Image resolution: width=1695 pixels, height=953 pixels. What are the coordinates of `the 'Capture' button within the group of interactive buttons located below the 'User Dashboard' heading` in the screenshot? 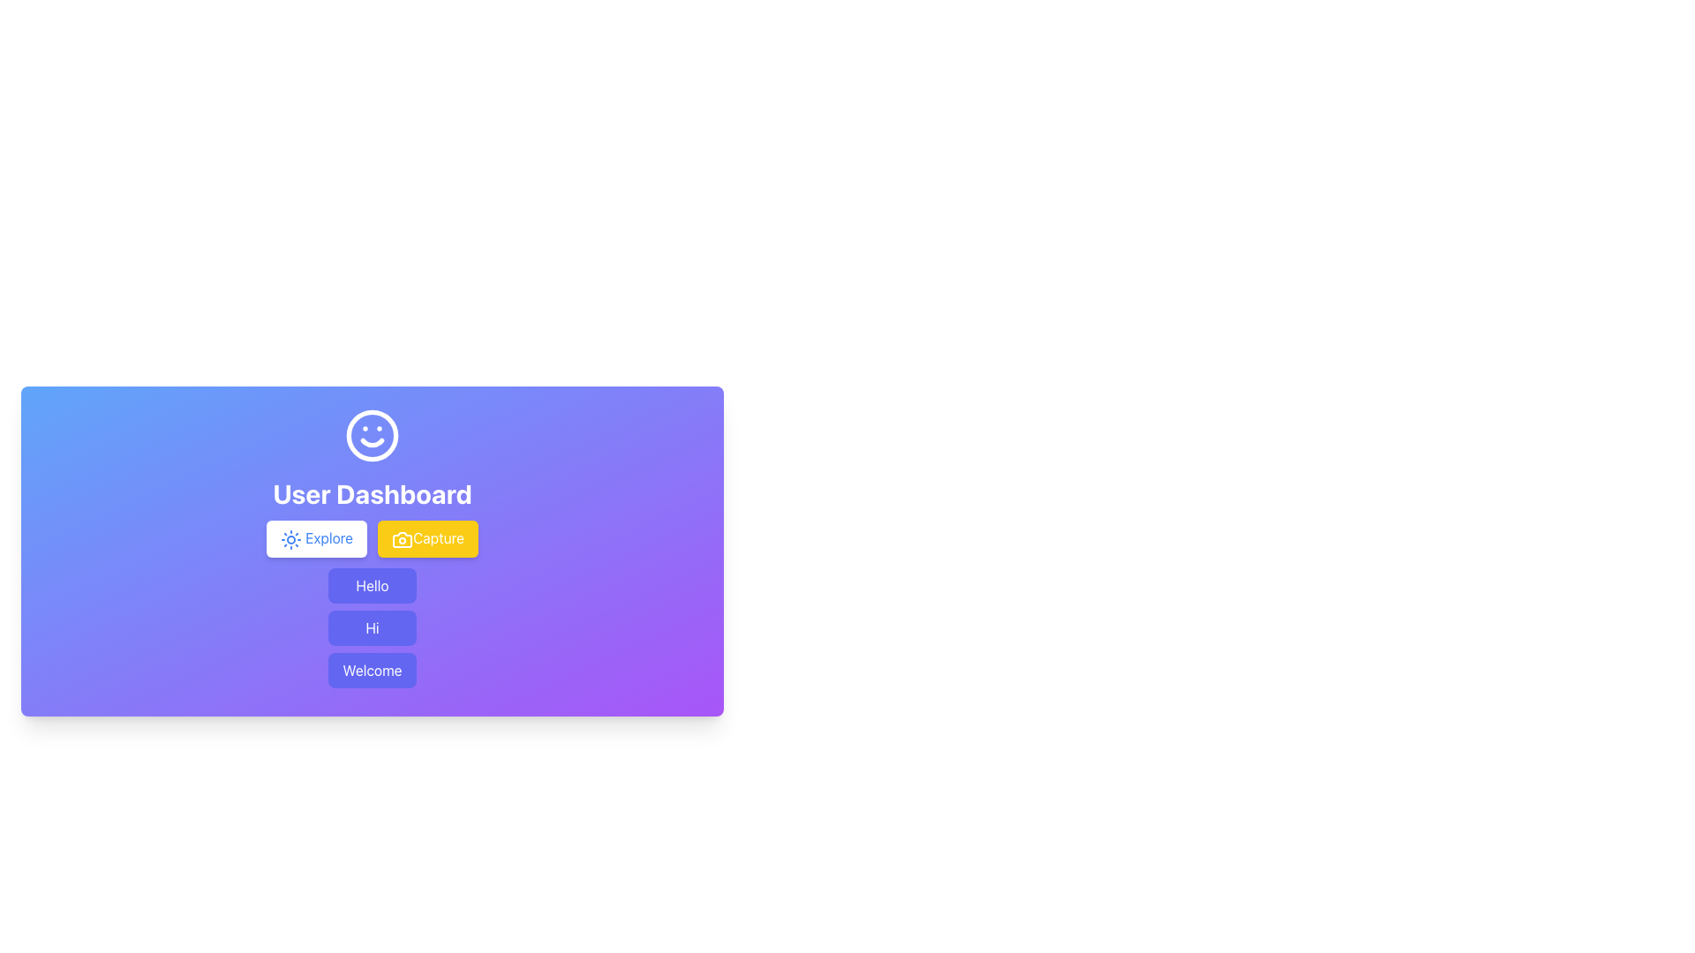 It's located at (372, 537).